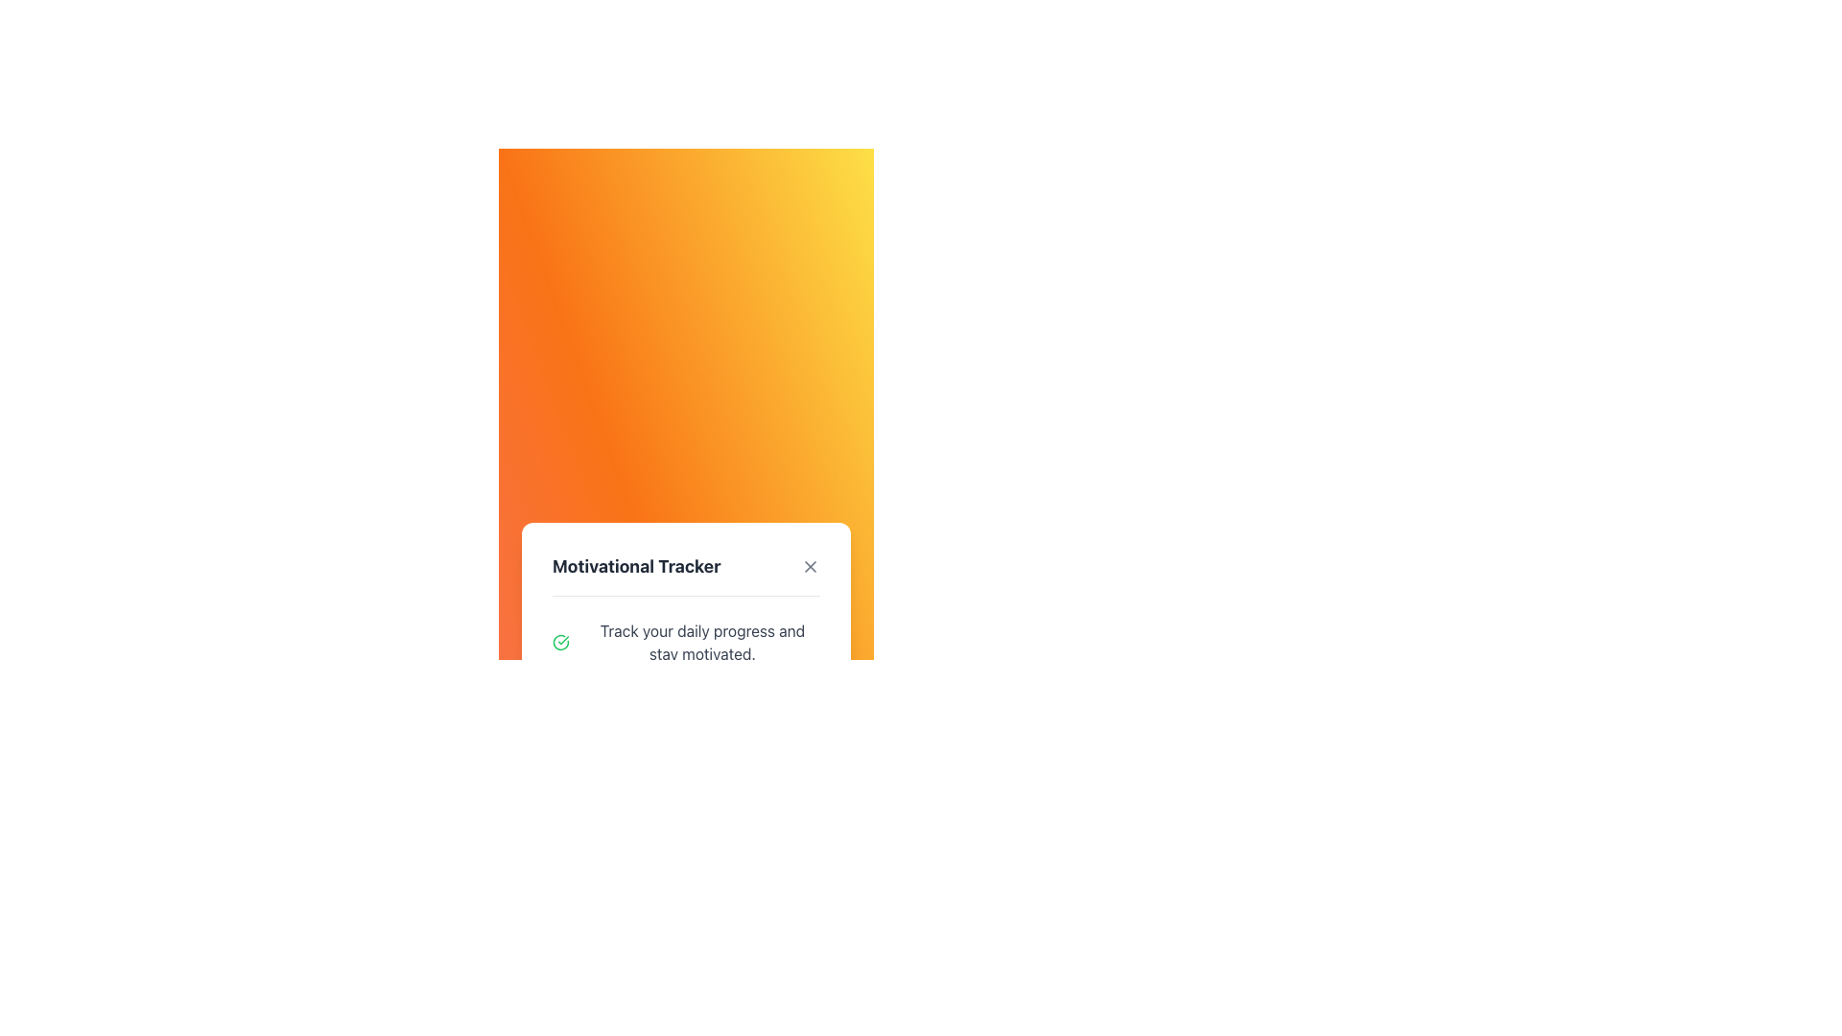 Image resolution: width=1842 pixels, height=1036 pixels. I want to click on motivational prompt text located at the first item in the 'Motivational Tracker' section, which is directly beneath the title and dividing line, so click(686, 642).